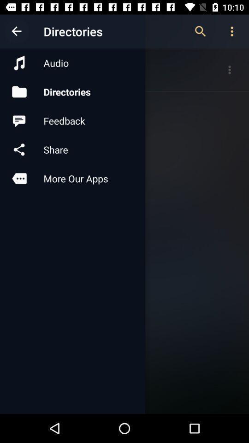 The image size is (249, 443). Describe the element at coordinates (17, 31) in the screenshot. I see `item next to the directories` at that location.